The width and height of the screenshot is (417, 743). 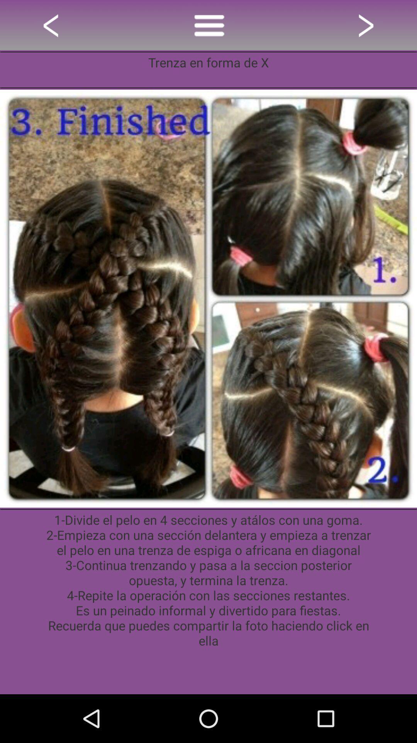 I want to click on the arrow_forward icon, so click(x=365, y=27).